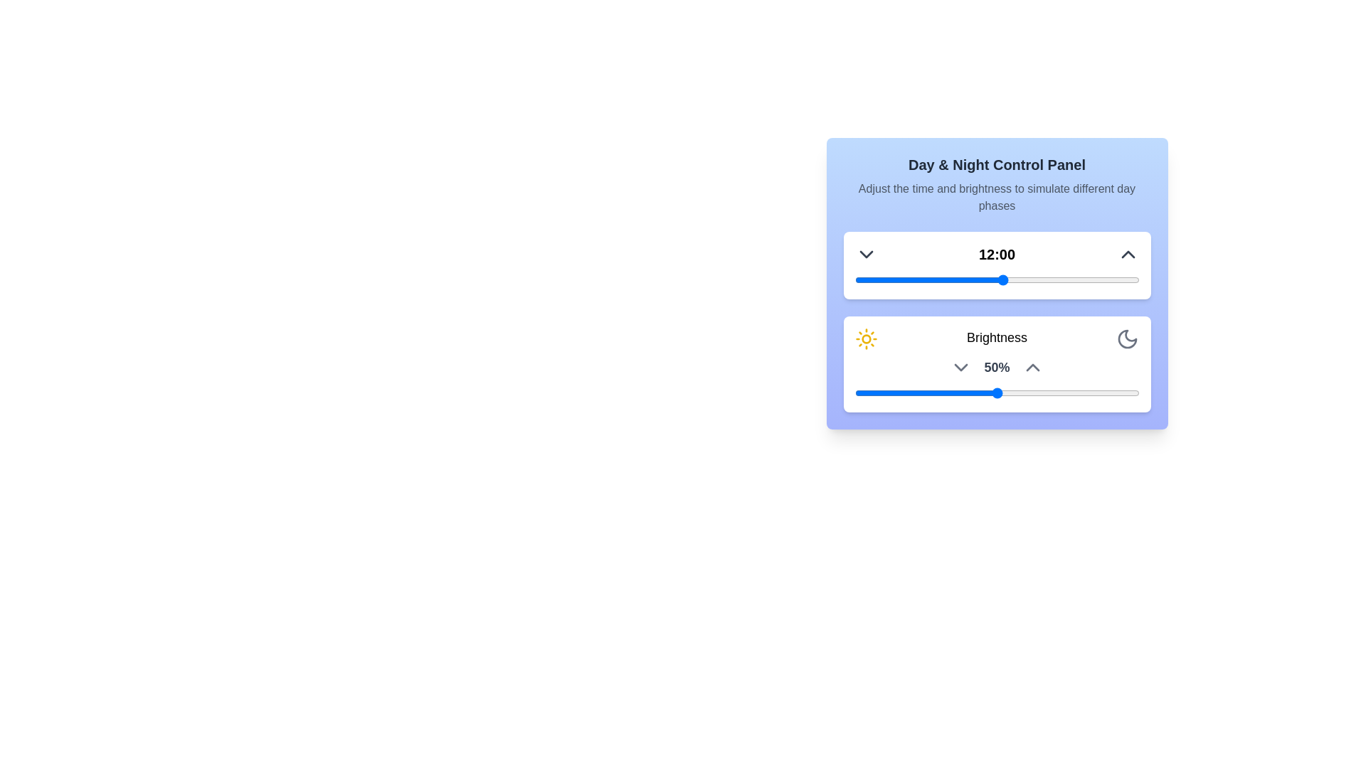 This screenshot has height=768, width=1366. Describe the element at coordinates (961, 366) in the screenshot. I see `the chevron dropdown indicator located in the 'Day & Night Control Panel' UI` at that location.